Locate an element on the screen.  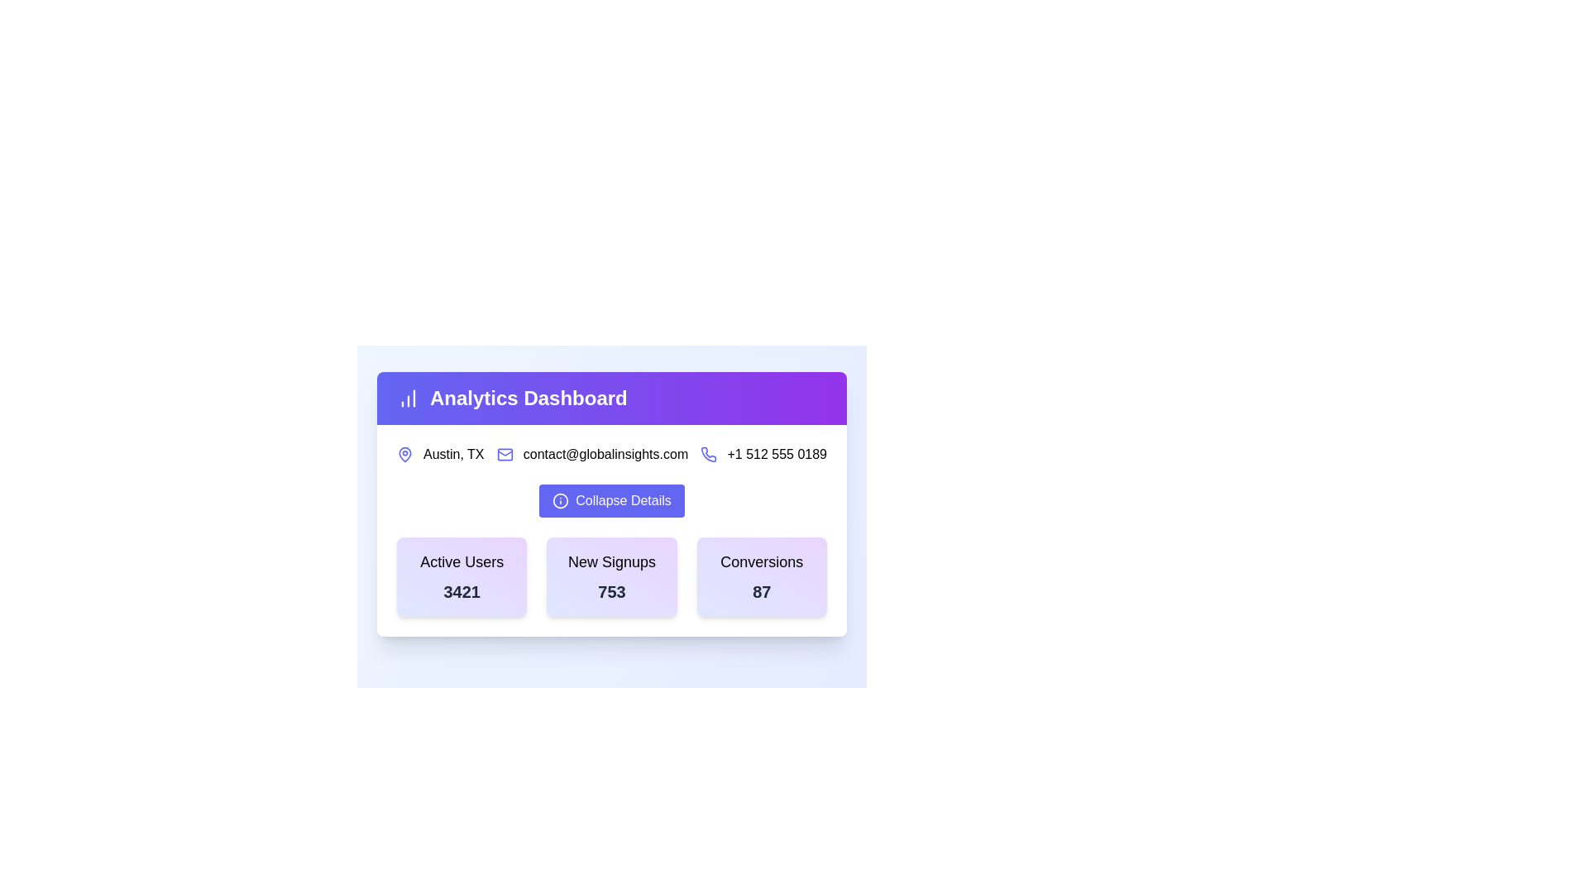
the button located at the center of the card layout is located at coordinates (610, 506).